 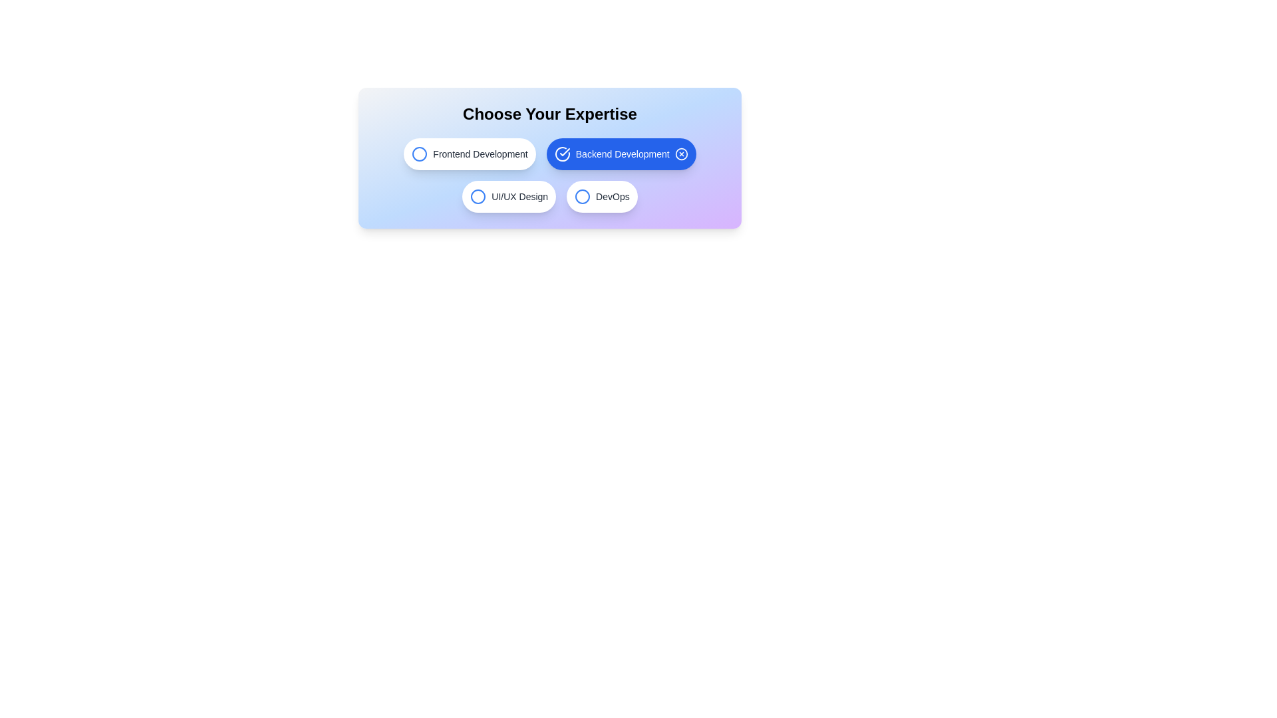 I want to click on the category chip labeled UI/UX Design to observe its hover effect, so click(x=507, y=197).